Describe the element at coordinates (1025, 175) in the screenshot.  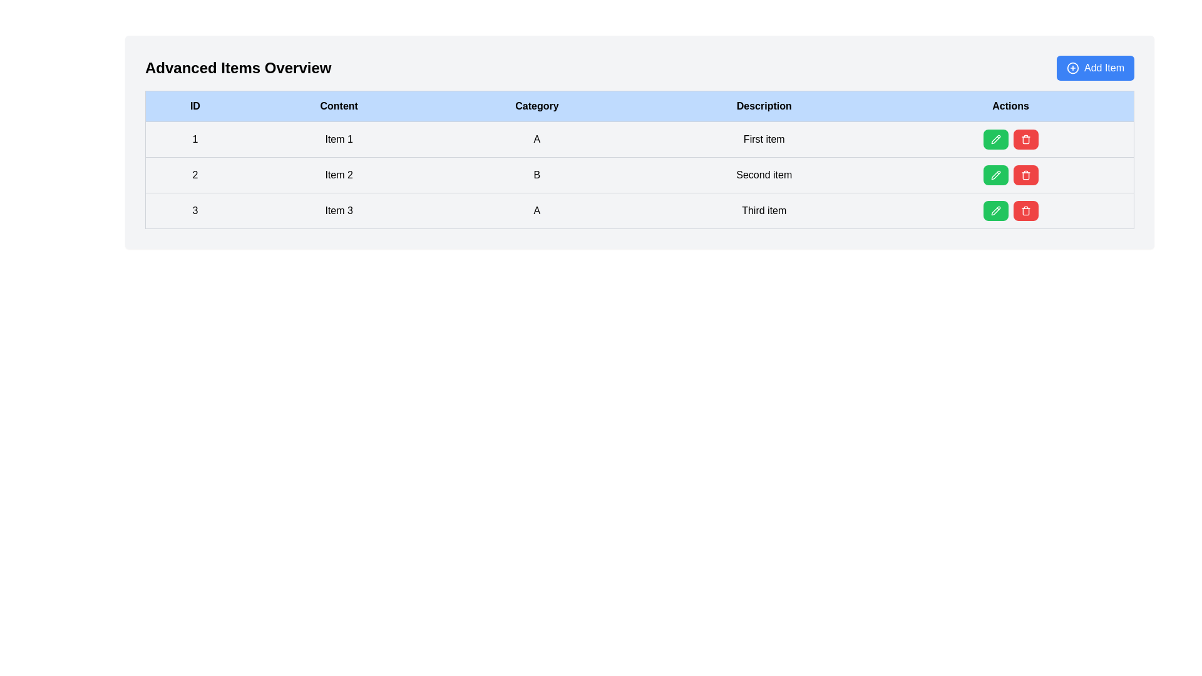
I see `the 'Delete' icon button located in the 'Actions' column of the third row in the table` at that location.